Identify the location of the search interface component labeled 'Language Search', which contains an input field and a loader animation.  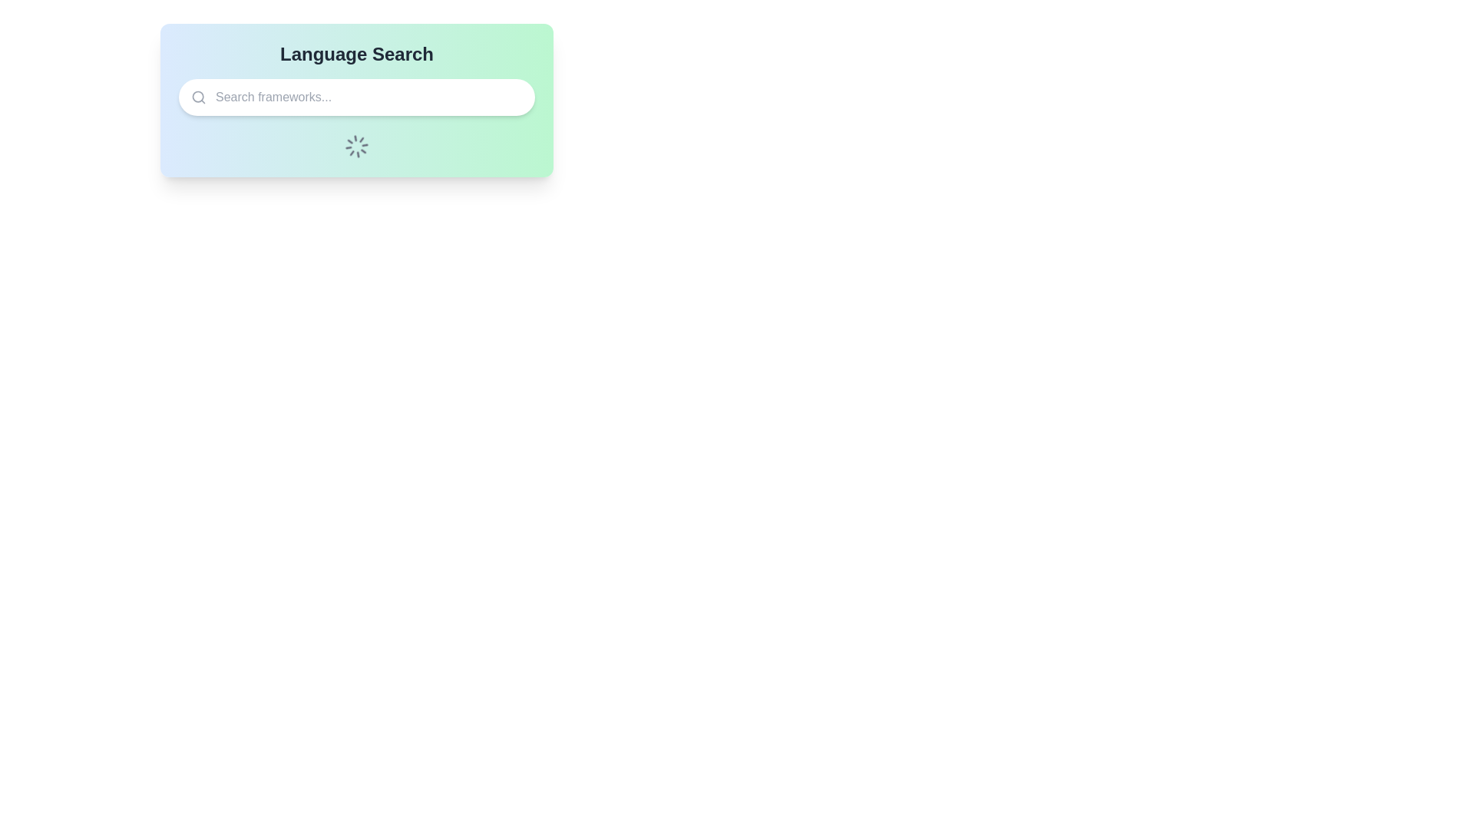
(356, 101).